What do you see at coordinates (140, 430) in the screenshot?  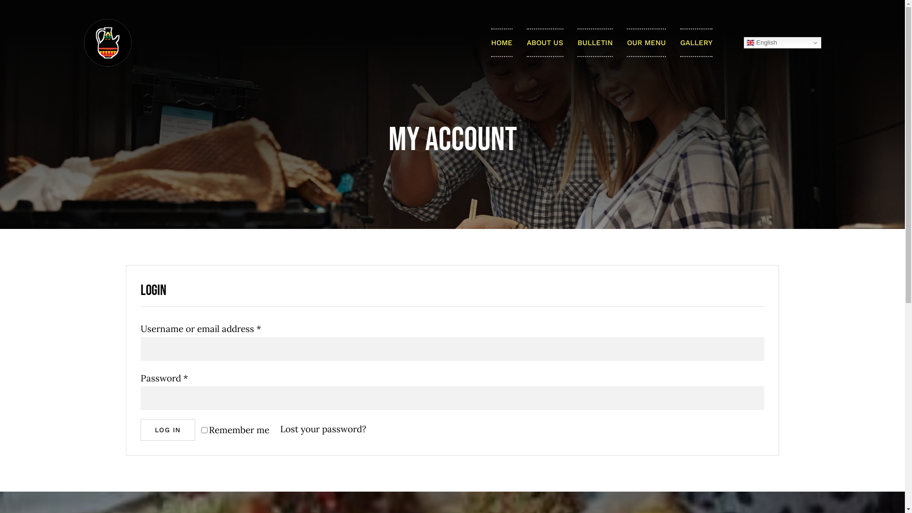 I see `'LOG IN'` at bounding box center [140, 430].